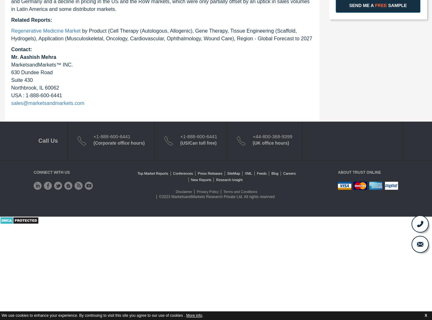 The width and height of the screenshot is (432, 320). What do you see at coordinates (31, 72) in the screenshot?
I see `'630 Dundee Road'` at bounding box center [31, 72].